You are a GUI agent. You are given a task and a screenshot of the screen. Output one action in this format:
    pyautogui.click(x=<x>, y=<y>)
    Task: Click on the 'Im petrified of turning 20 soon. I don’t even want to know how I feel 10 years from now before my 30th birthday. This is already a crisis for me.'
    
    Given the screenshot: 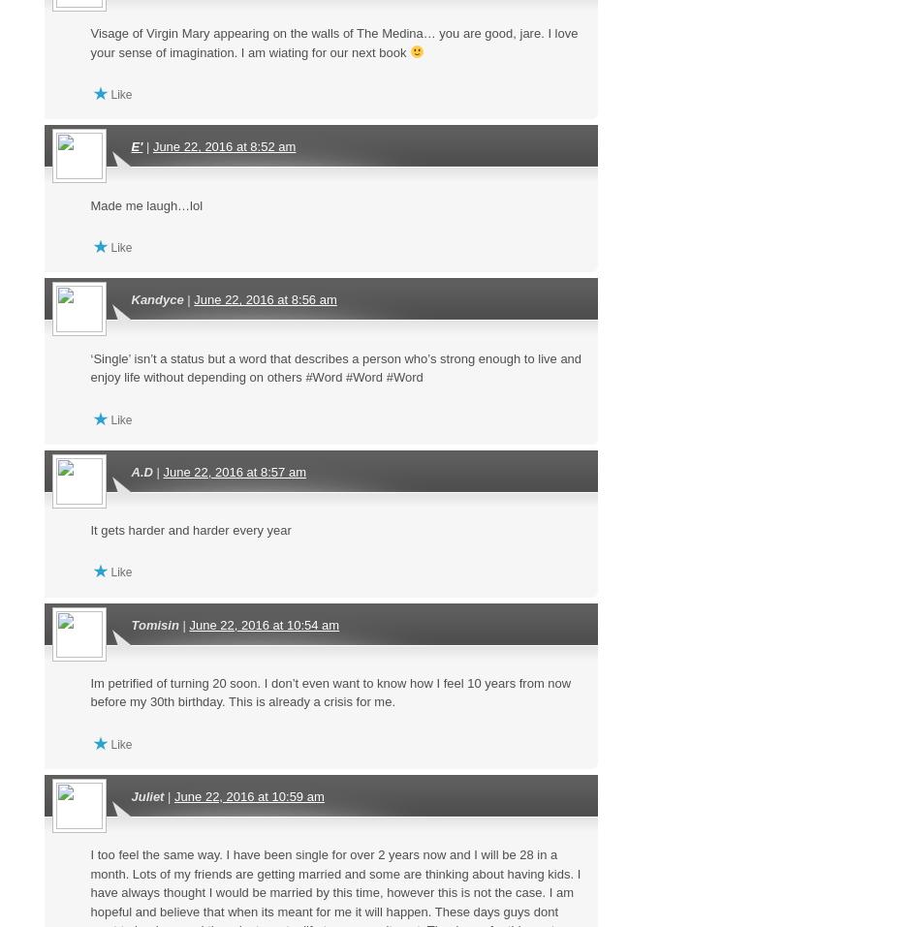 What is the action you would take?
    pyautogui.click(x=330, y=692)
    